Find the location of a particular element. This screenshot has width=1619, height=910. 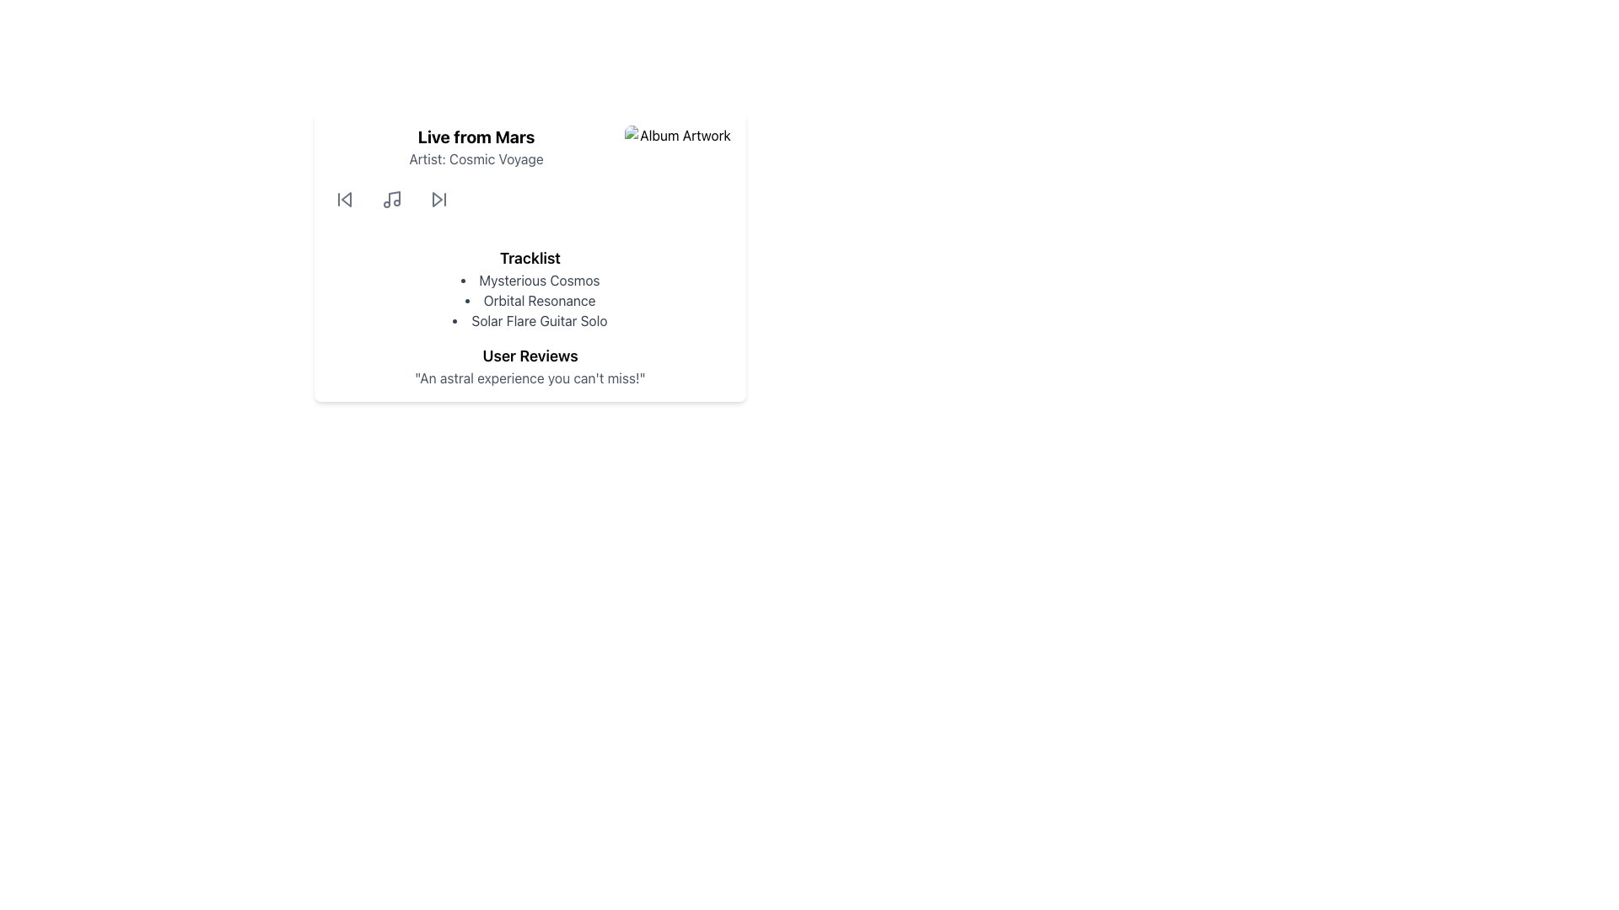

the 'Next' button, which features a triangular play symbol and is the fourth button in the control group, to skip to the next item is located at coordinates (439, 198).